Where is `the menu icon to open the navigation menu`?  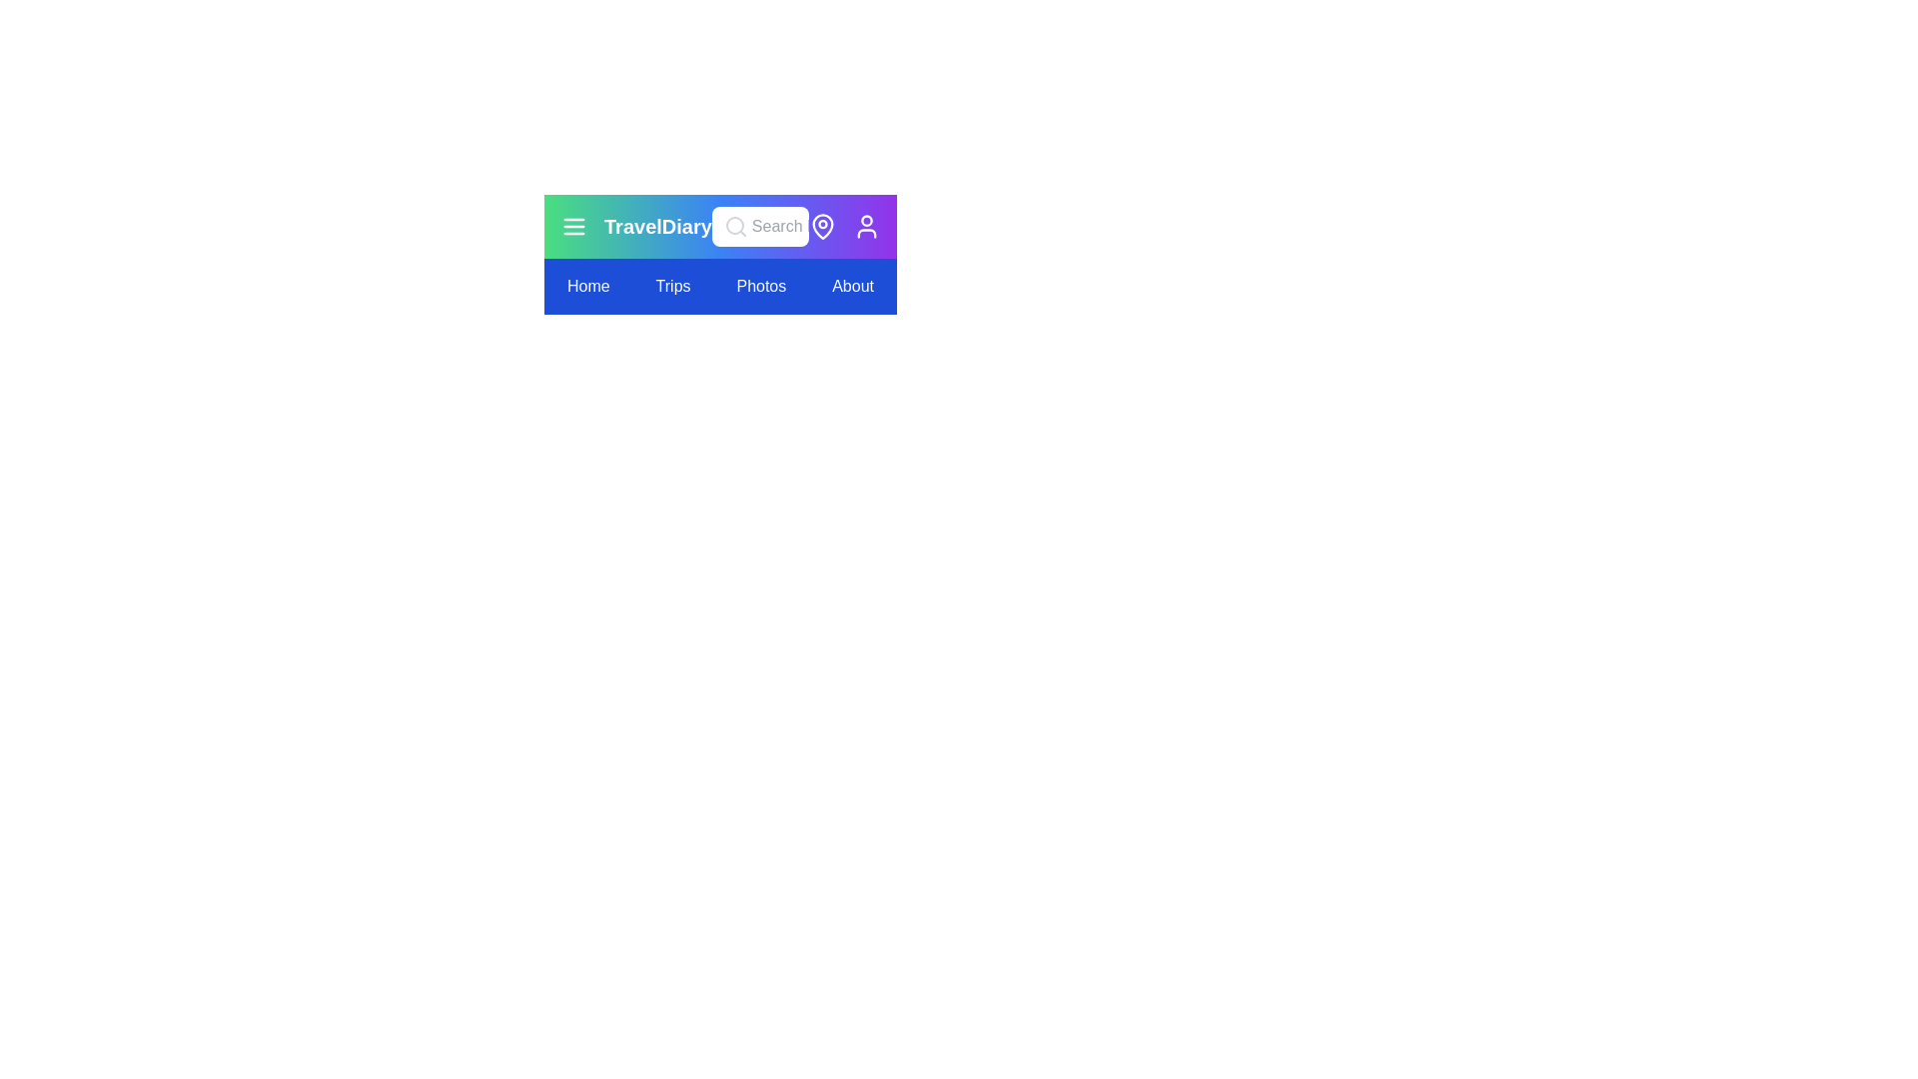 the menu icon to open the navigation menu is located at coordinates (573, 226).